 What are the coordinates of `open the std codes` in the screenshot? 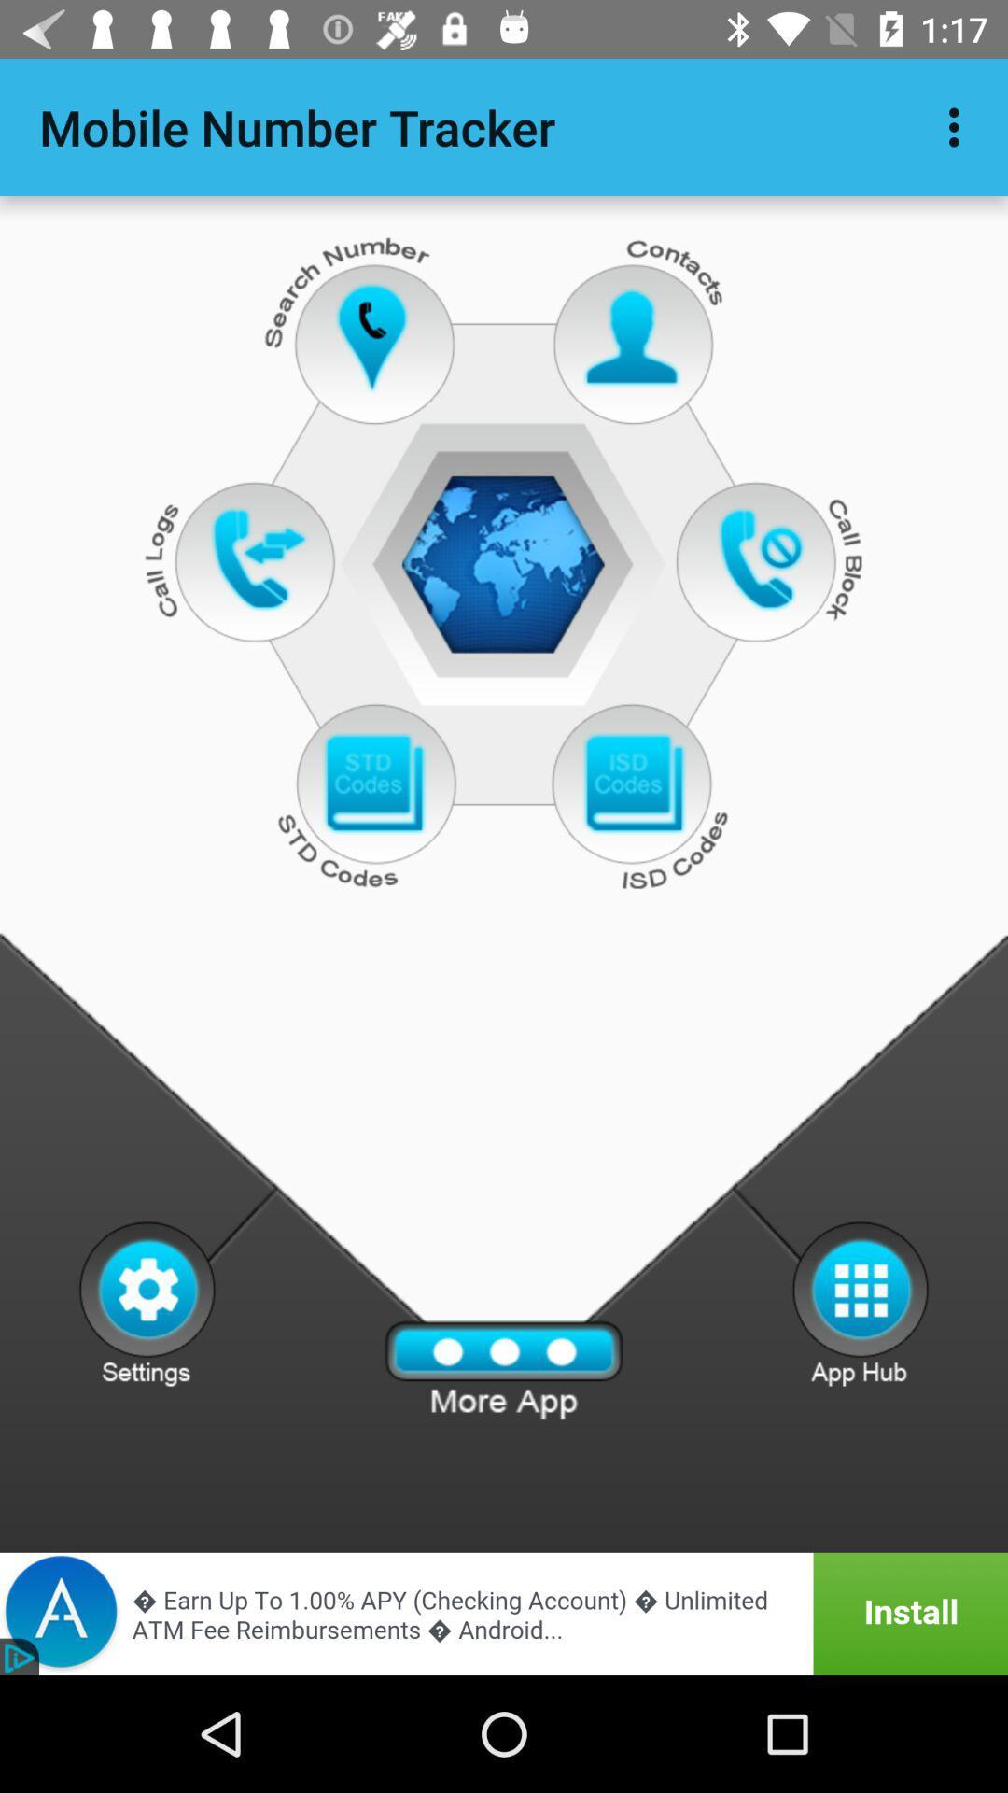 It's located at (373, 784).